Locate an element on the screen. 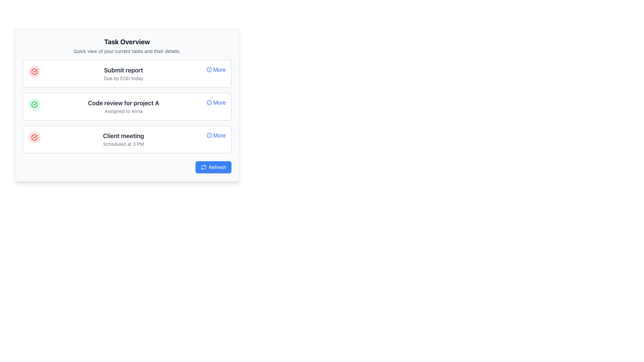 Image resolution: width=644 pixels, height=362 pixels. displayed task information from the third task card which has a white background, a red circular icon on the left, a bold title 'Client meeting', a gray subtitle 'Scheduled at 3 PM', and a blue 'More' link on the right is located at coordinates (127, 139).